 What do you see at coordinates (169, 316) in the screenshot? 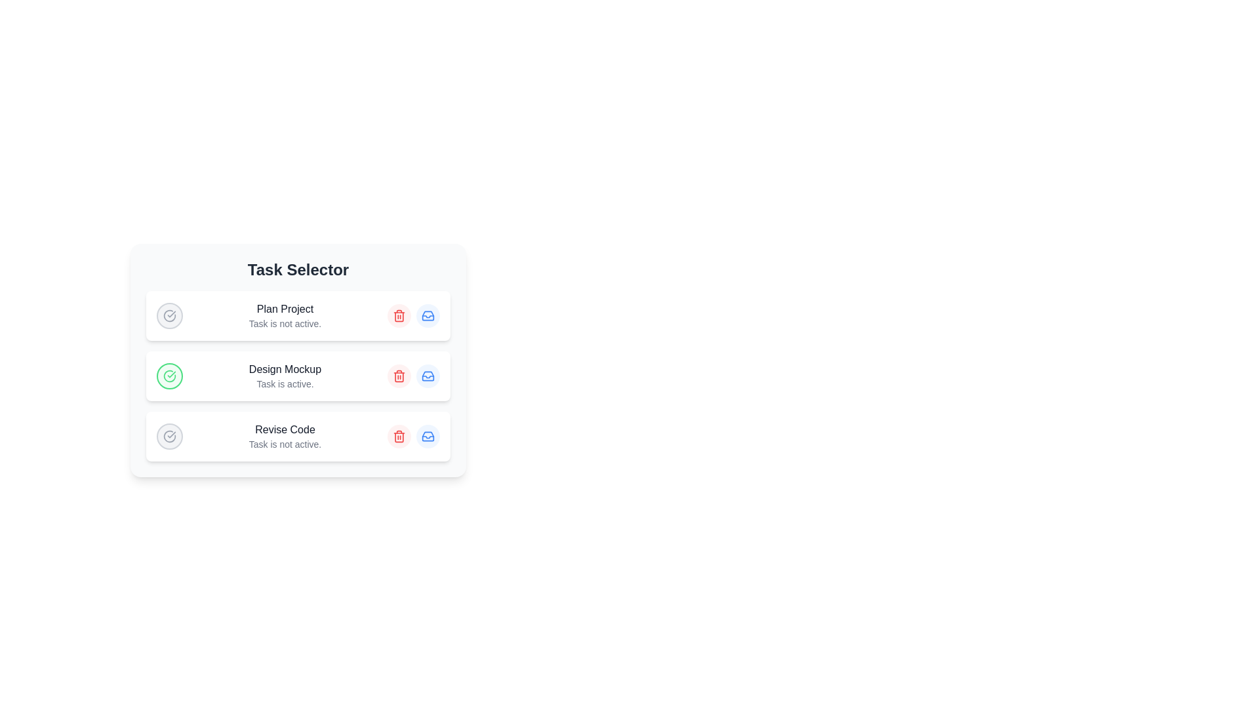
I see `the circular checkmark icon in gray, which is the second icon in the left column of the 'Task Selector' section's second row` at bounding box center [169, 316].